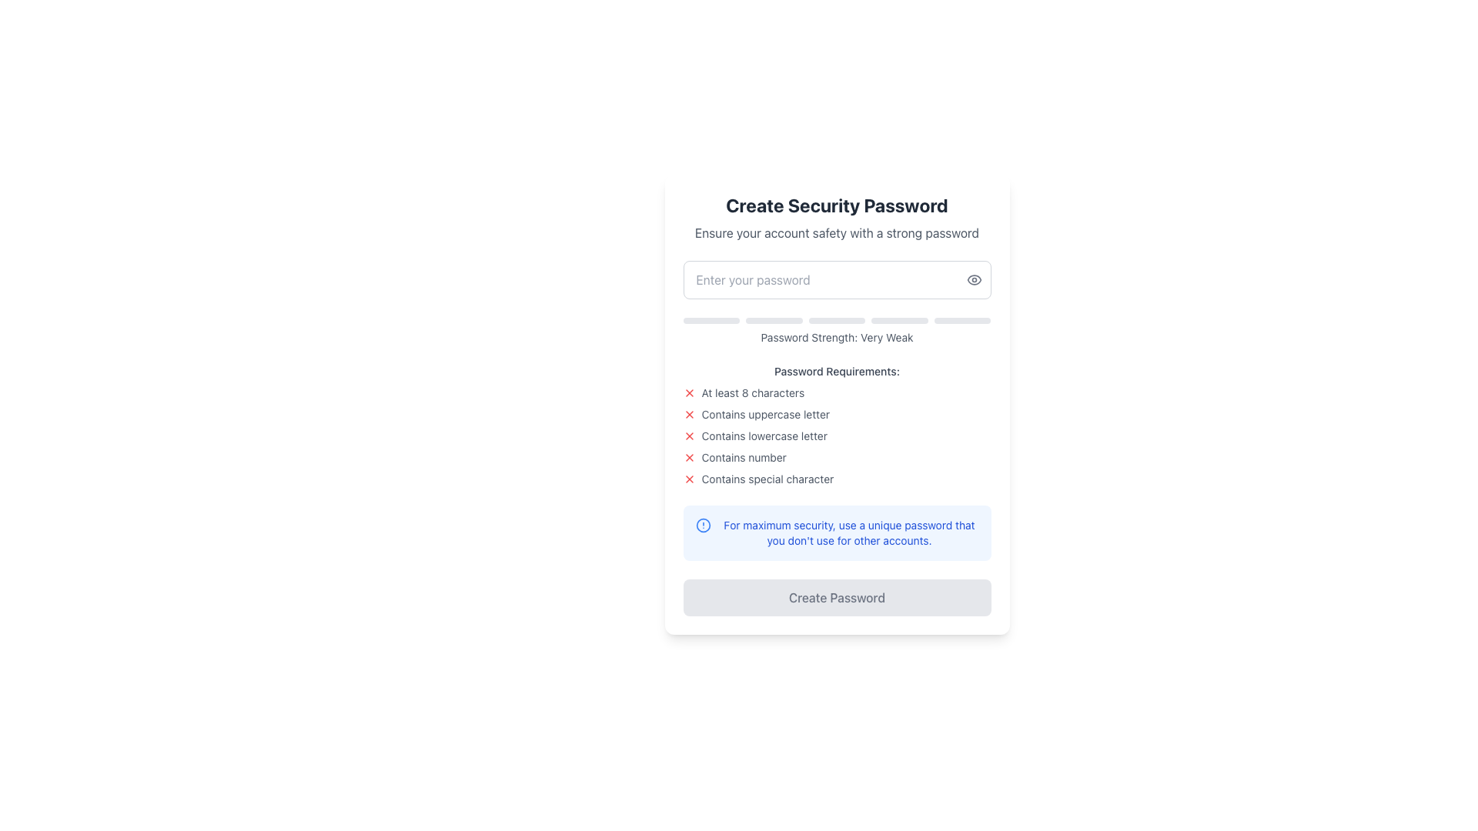 This screenshot has height=831, width=1478. I want to click on the third progress indicator segment, which is a horizontal rectangular bar with a gray background, part of a password strength visual indicator located below the password input field, so click(836, 319).